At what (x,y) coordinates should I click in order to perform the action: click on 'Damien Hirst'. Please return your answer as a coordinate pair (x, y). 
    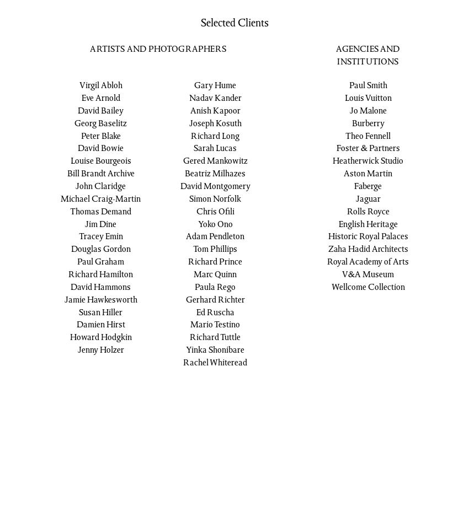
    Looking at the image, I should click on (76, 325).